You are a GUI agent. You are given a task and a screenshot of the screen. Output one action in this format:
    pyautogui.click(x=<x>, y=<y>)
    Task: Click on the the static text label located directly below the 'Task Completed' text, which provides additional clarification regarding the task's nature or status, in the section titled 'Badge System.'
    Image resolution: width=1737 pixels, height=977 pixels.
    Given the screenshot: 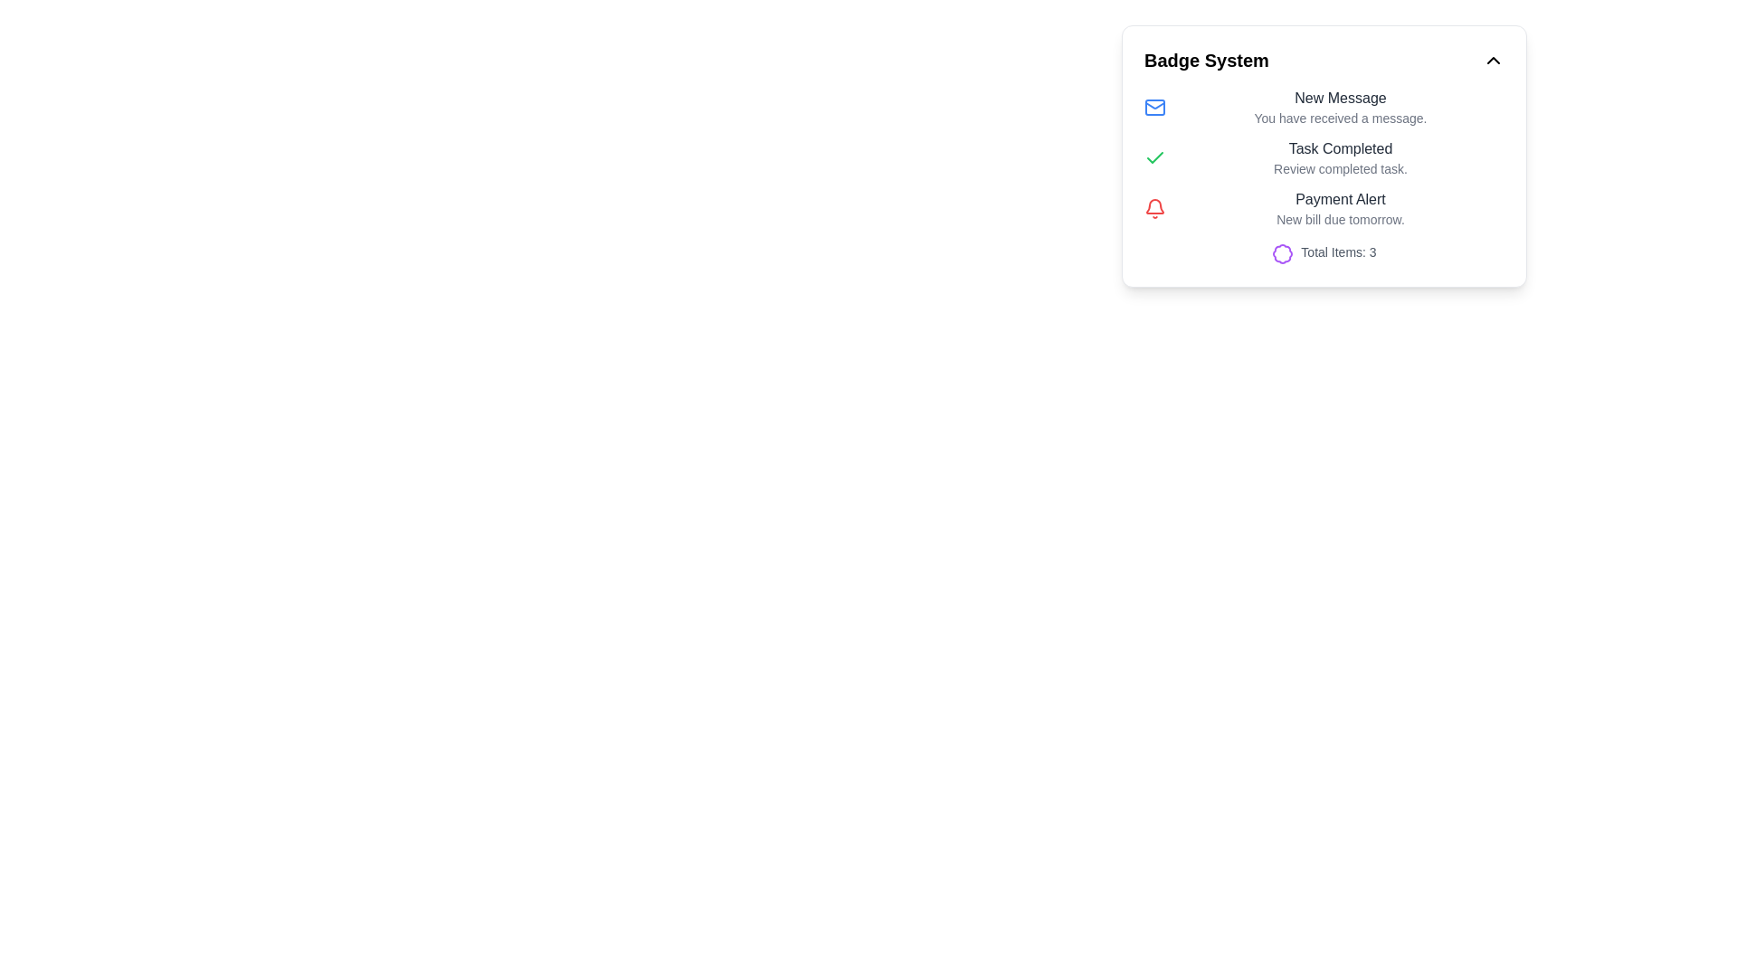 What is the action you would take?
    pyautogui.click(x=1341, y=168)
    